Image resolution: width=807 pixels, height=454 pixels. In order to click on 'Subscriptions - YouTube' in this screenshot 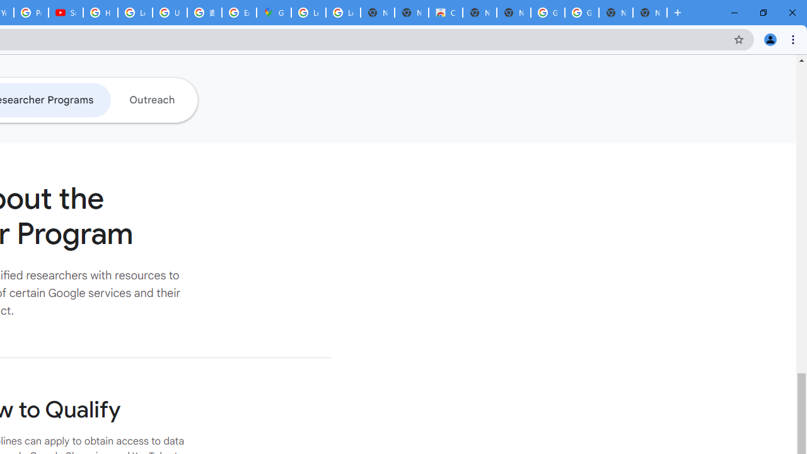, I will do `click(65, 13)`.